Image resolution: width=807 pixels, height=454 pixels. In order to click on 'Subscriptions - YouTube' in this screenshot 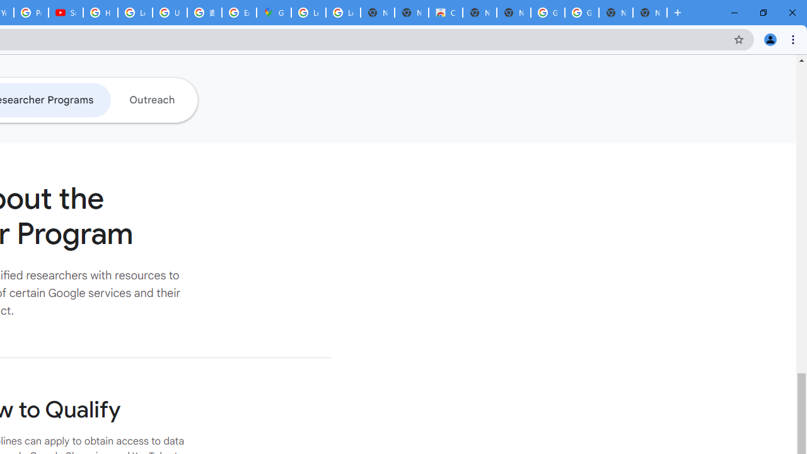, I will do `click(65, 13)`.